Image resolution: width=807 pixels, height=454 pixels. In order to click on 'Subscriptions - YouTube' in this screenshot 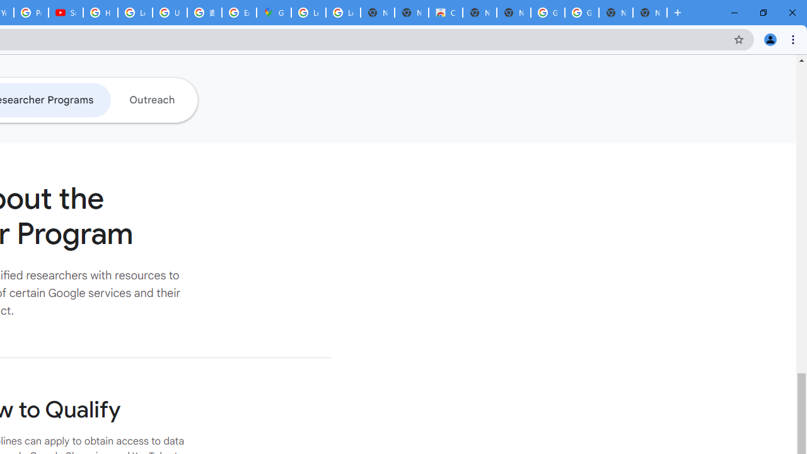, I will do `click(65, 13)`.